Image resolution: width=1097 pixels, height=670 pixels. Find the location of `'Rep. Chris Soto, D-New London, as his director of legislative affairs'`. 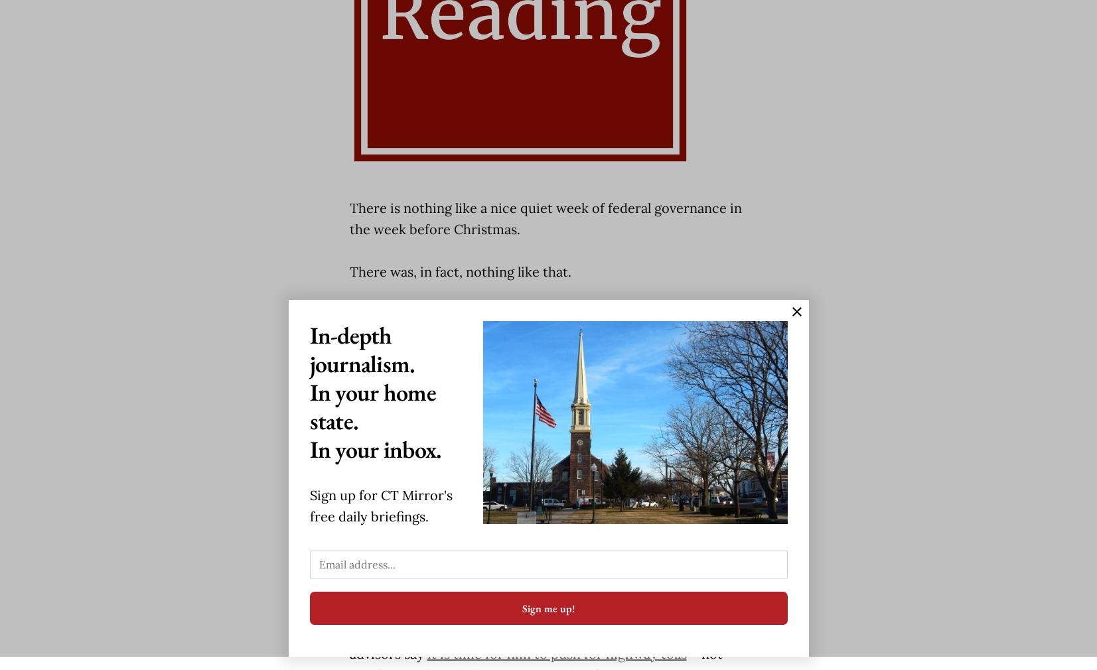

'Rep. Chris Soto, D-New London, as his director of legislative affairs' is located at coordinates (531, 472).